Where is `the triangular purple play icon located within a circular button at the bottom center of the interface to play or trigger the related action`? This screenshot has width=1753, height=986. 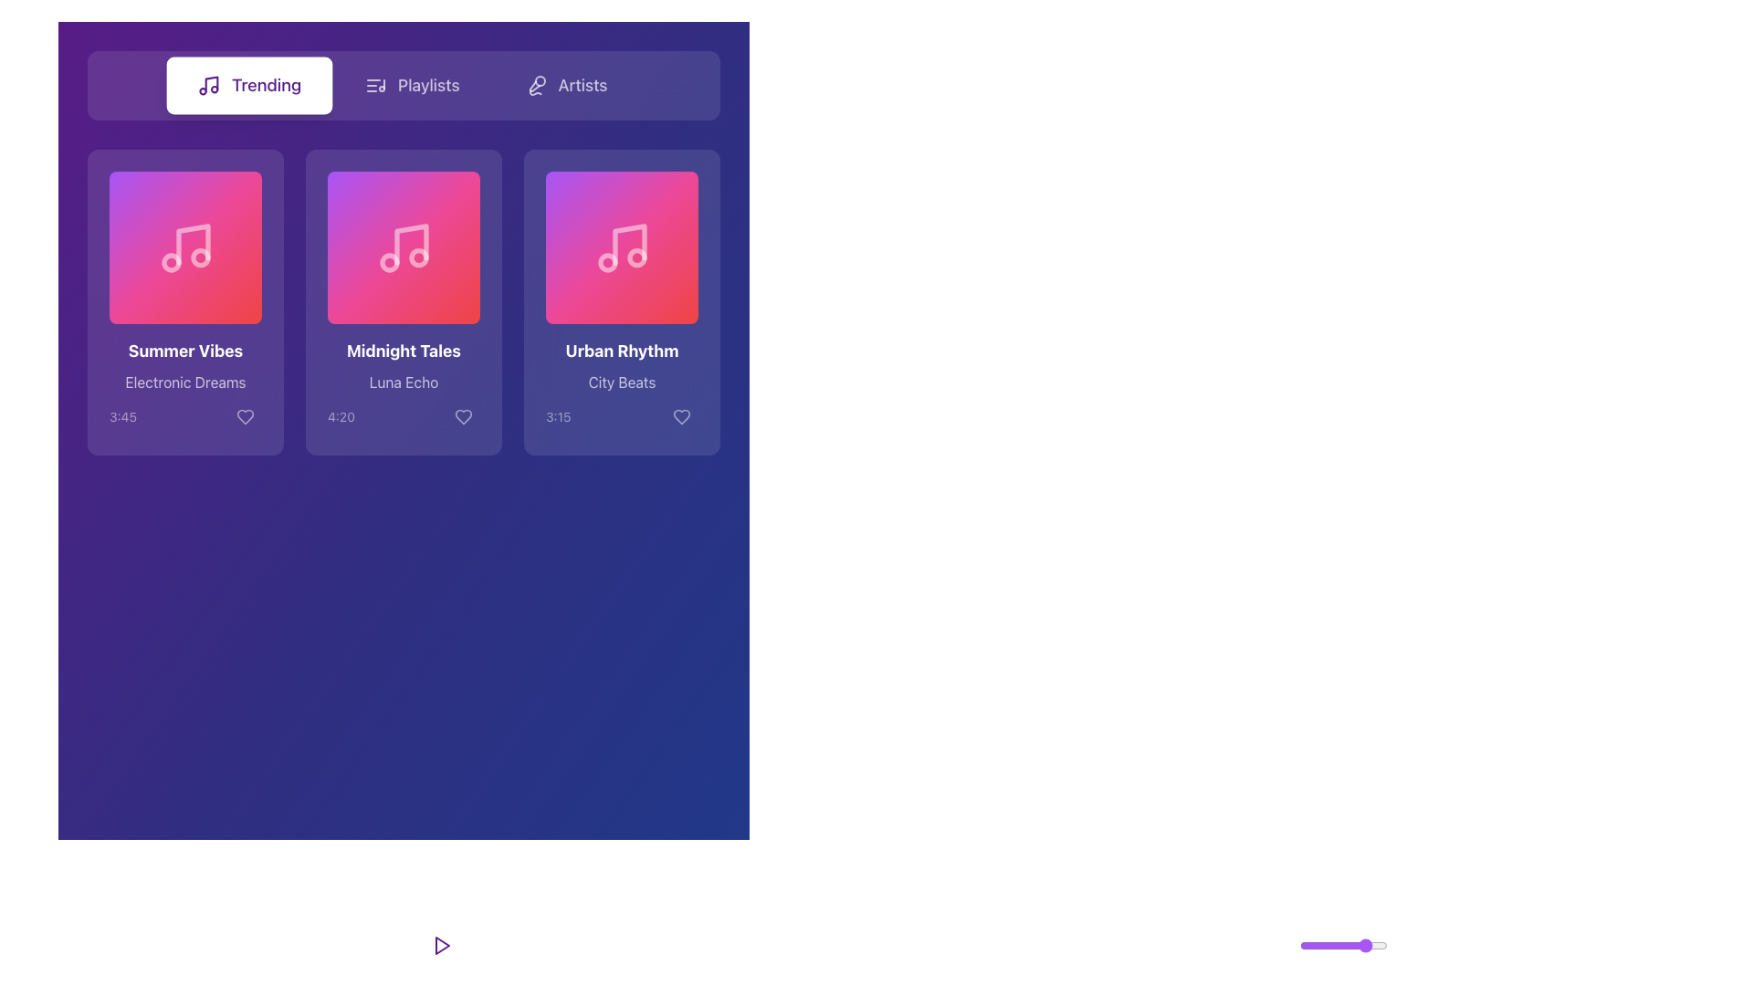 the triangular purple play icon located within a circular button at the bottom center of the interface to play or trigger the related action is located at coordinates (442, 945).